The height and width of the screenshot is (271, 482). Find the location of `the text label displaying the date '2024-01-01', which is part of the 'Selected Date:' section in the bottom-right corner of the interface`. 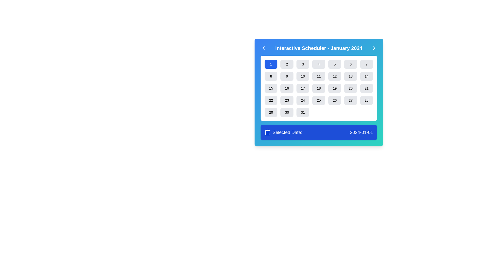

the text label displaying the date '2024-01-01', which is part of the 'Selected Date:' section in the bottom-right corner of the interface is located at coordinates (361, 132).